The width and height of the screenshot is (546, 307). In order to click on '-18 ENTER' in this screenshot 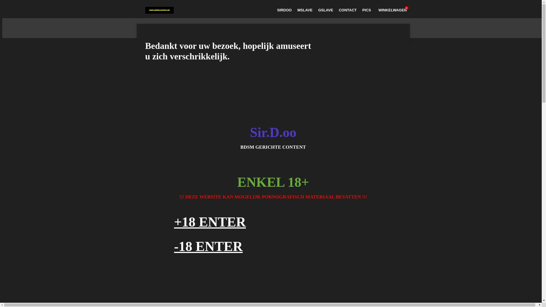, I will do `click(208, 246)`.